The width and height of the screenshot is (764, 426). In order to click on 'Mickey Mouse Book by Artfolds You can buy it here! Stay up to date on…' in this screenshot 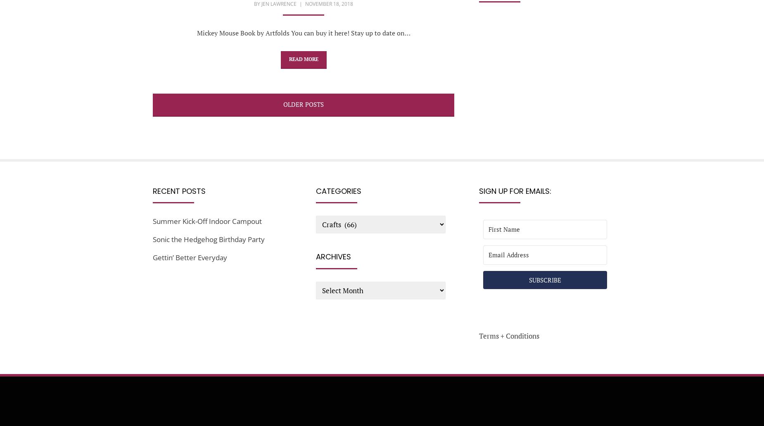, I will do `click(303, 33)`.